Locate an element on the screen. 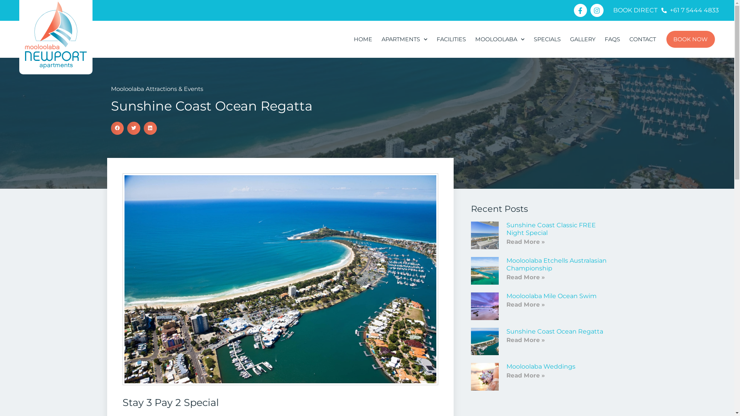  'HOME' is located at coordinates (349, 39).